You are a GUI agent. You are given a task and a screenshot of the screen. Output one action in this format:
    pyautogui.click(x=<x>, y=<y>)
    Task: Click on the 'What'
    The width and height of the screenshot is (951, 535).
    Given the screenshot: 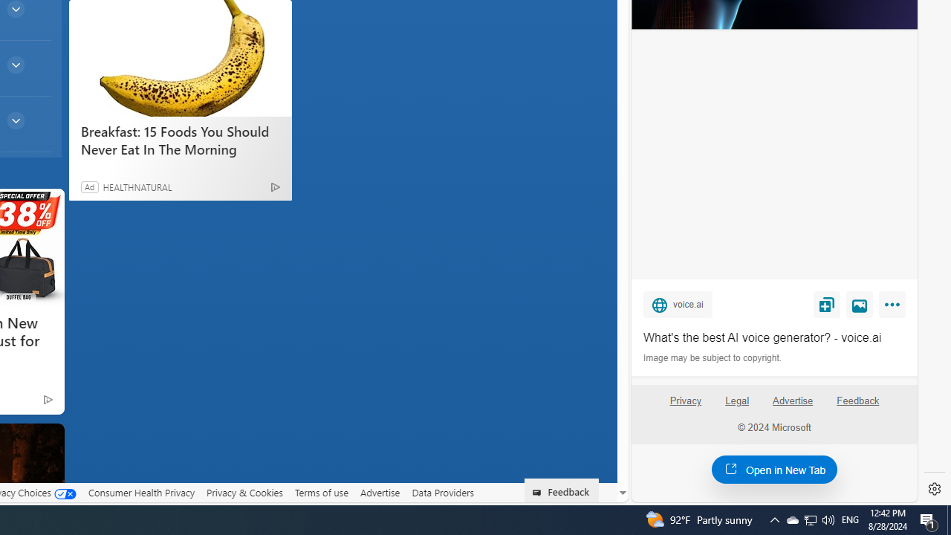 What is the action you would take?
    pyautogui.click(x=773, y=338)
    